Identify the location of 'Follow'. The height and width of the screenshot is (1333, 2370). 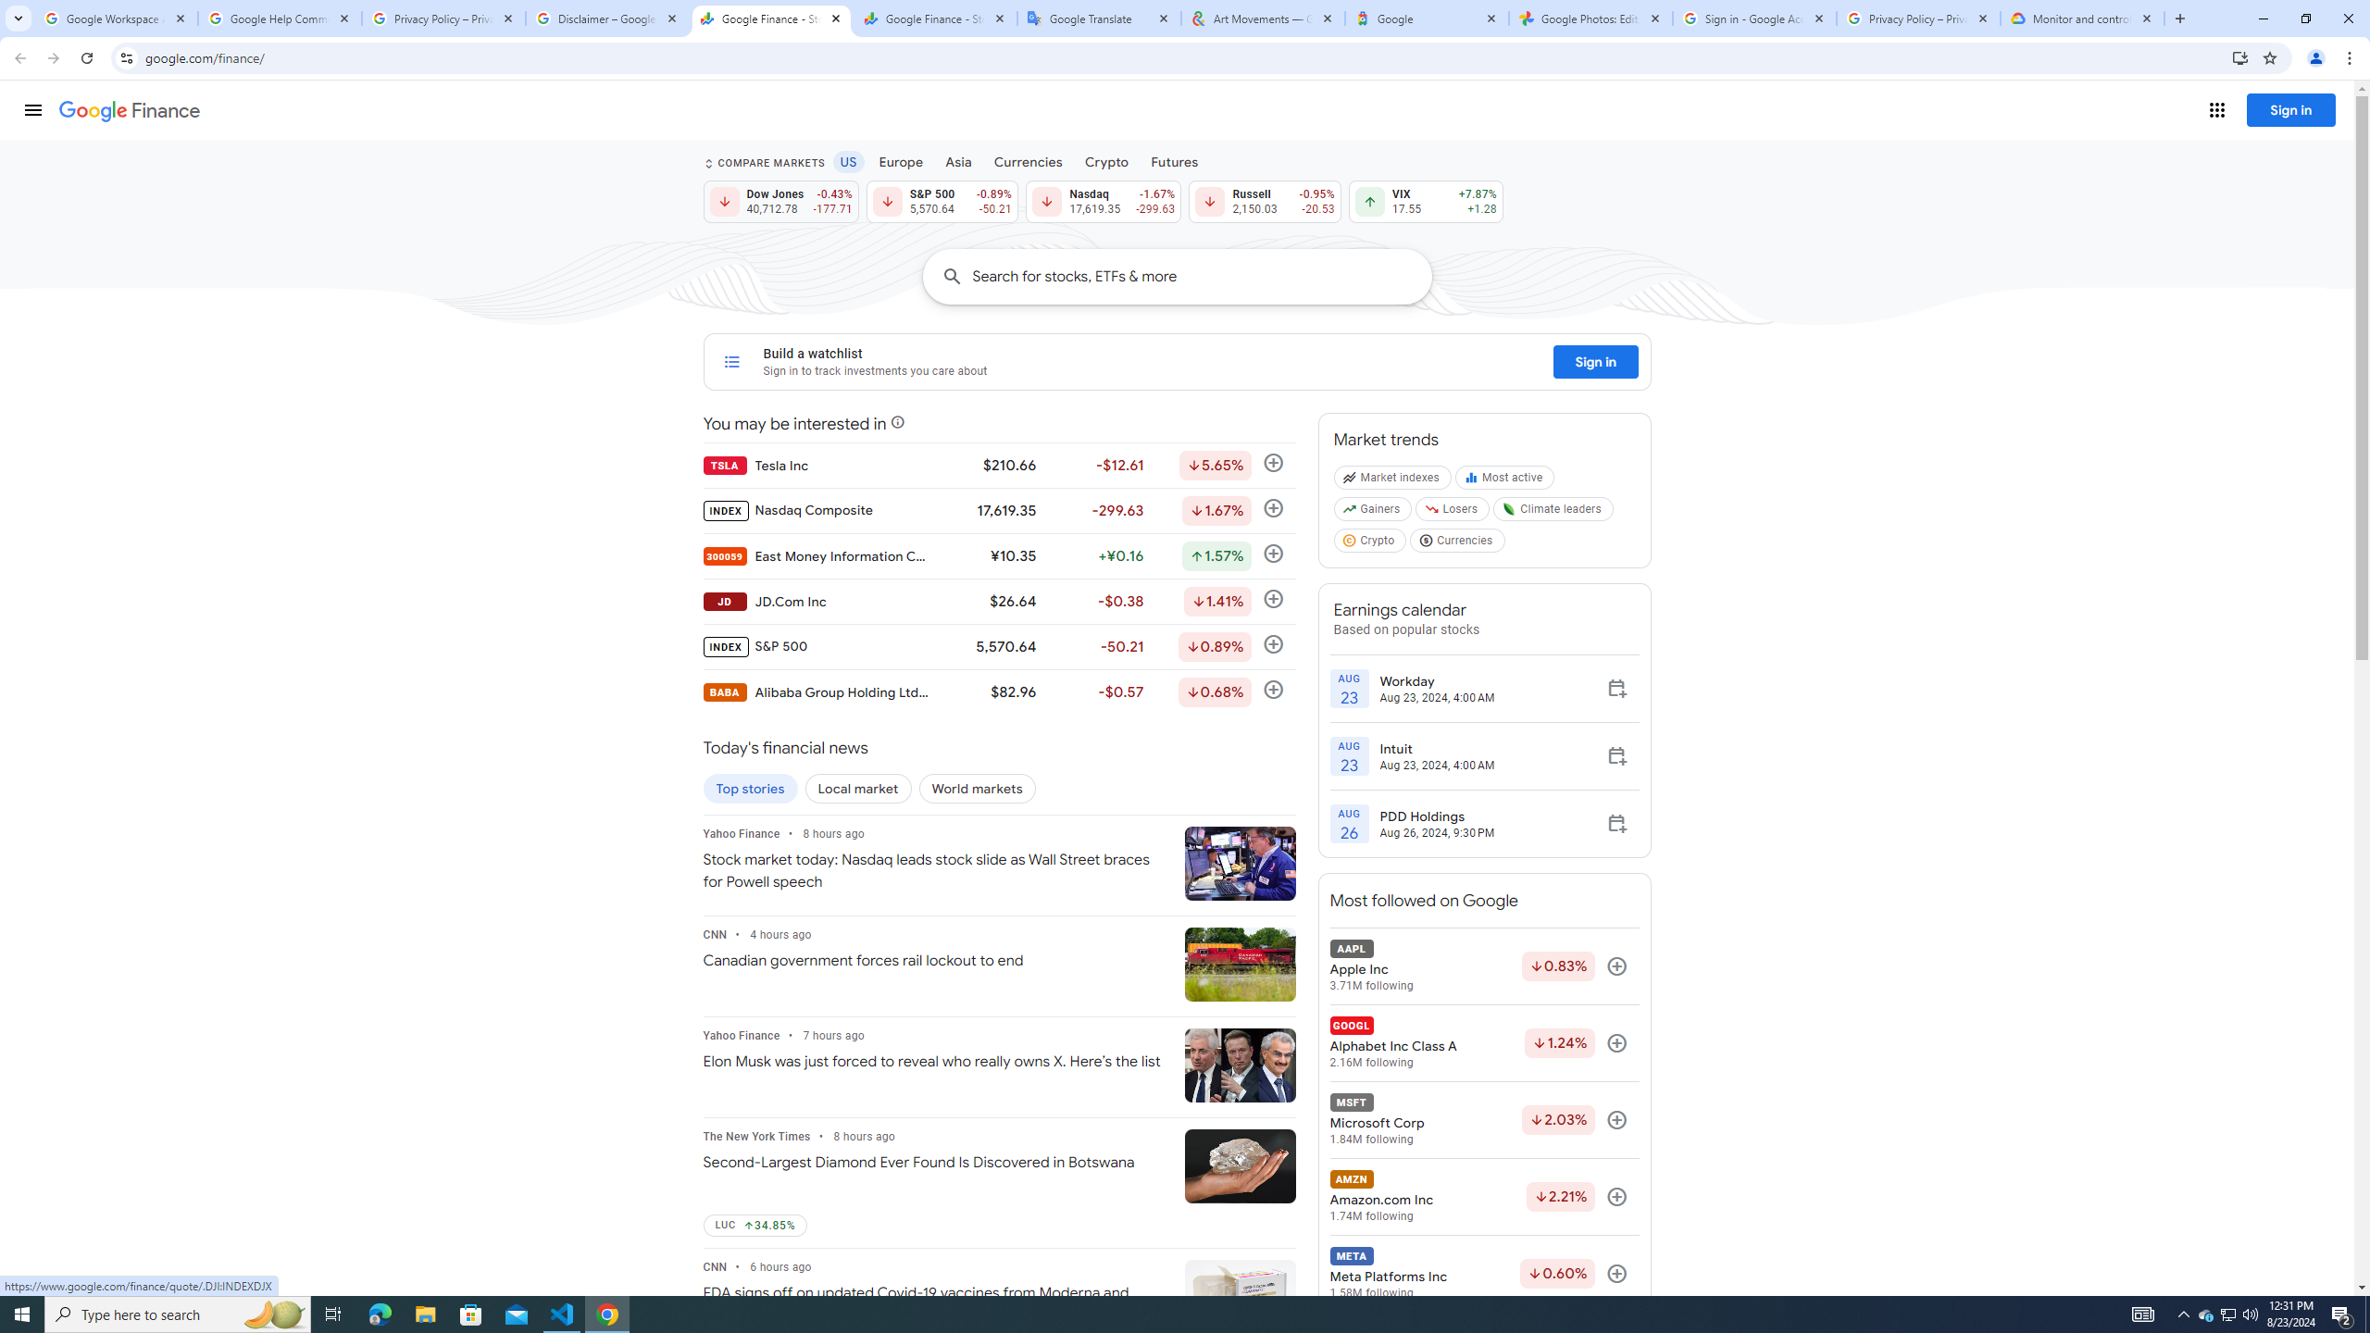
(1616, 1274).